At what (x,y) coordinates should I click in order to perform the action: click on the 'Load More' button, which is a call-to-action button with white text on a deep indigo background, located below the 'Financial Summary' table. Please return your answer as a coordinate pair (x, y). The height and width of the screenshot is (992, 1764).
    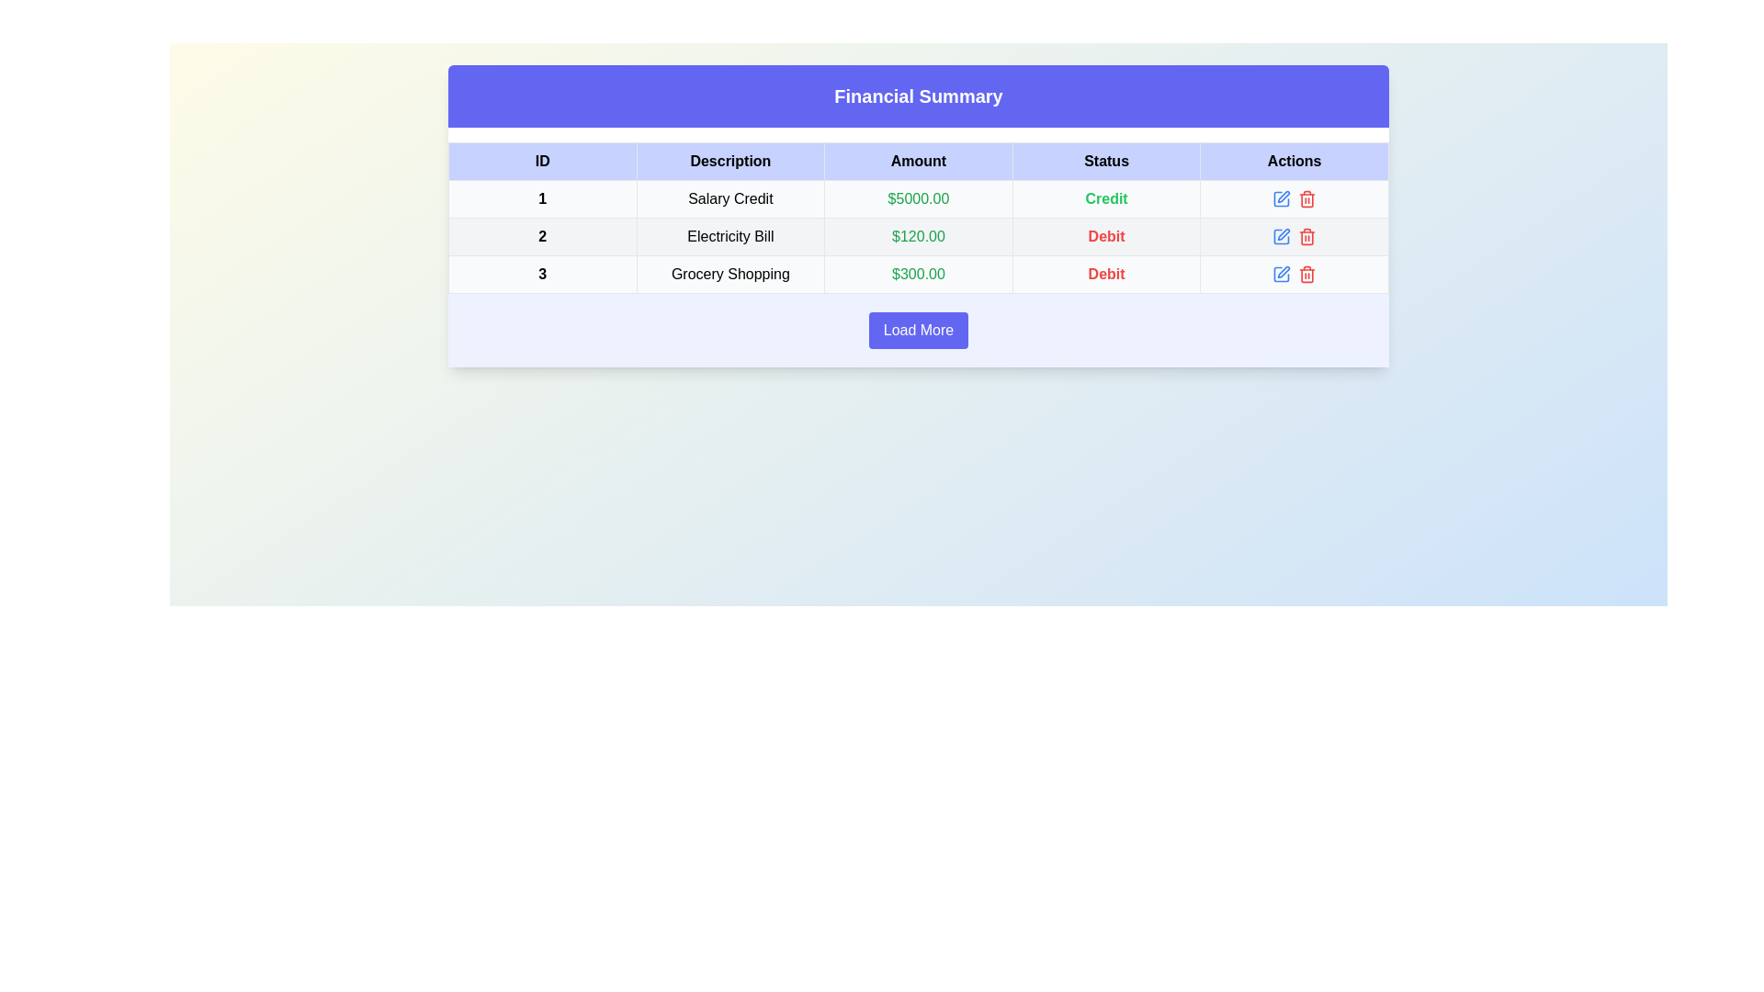
    Looking at the image, I should click on (918, 329).